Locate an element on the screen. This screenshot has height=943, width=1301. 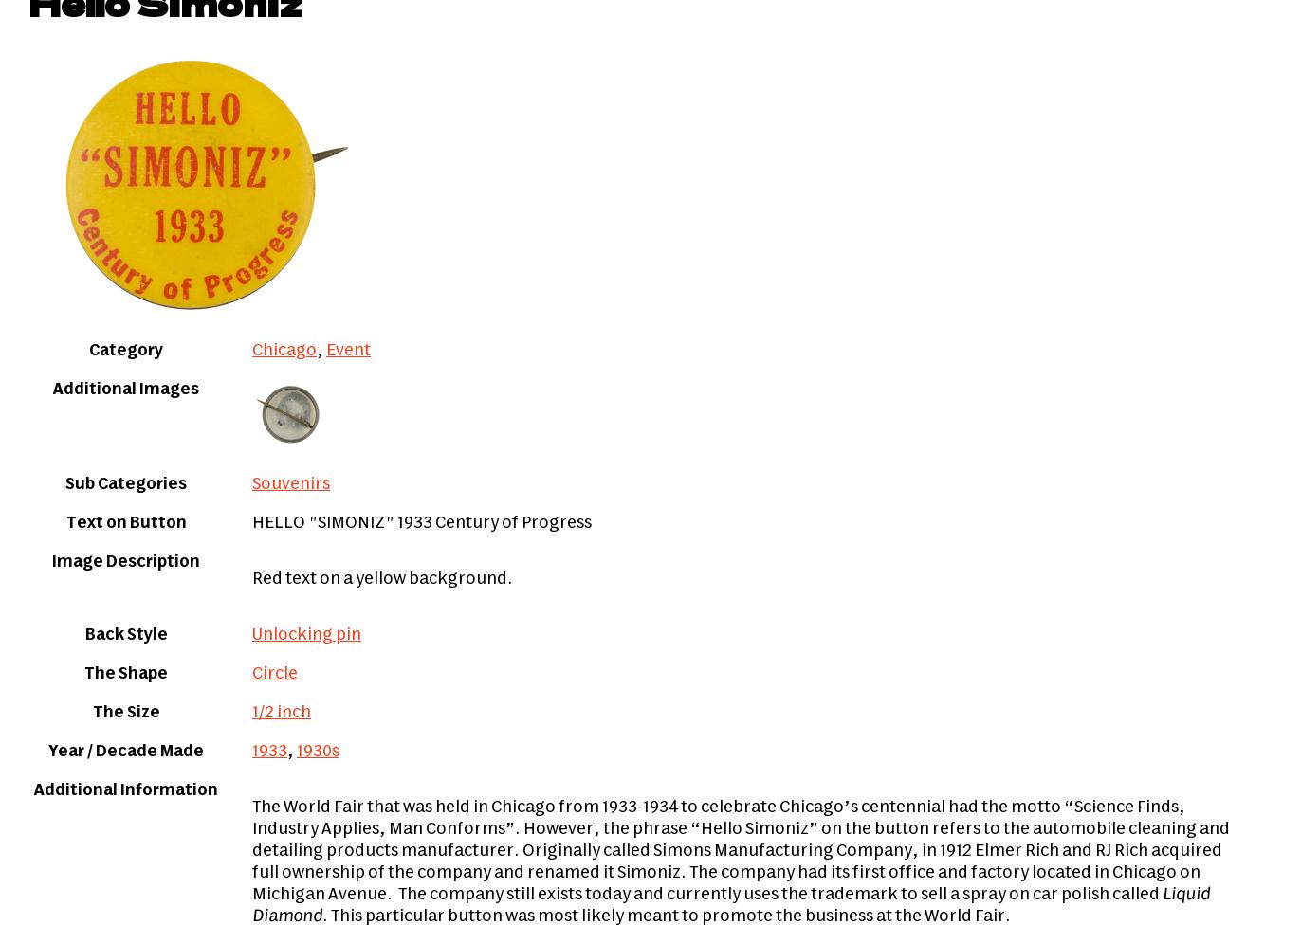
'Event' is located at coordinates (348, 350).